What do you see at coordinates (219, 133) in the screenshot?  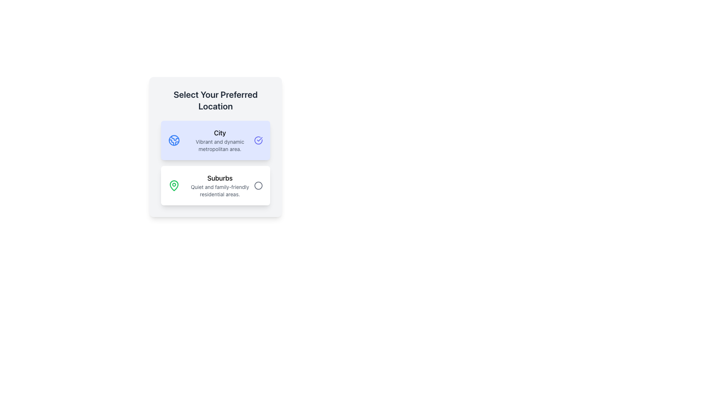 I see `the text label component that serves as the title for the card labeled 'City', which is bold and centered horizontally at the top of the card` at bounding box center [219, 133].